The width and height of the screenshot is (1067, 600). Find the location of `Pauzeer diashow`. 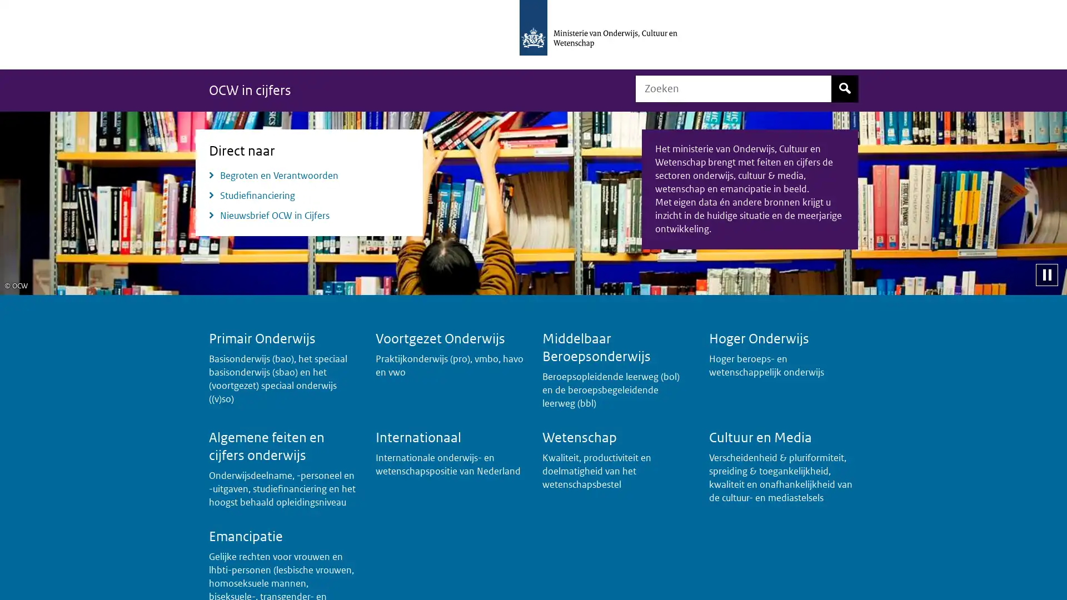

Pauzeer diashow is located at coordinates (1046, 274).